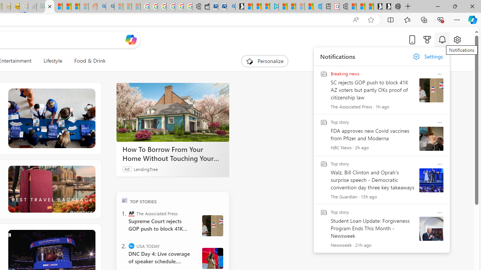  What do you see at coordinates (231, 6) in the screenshot?
I see `'Bing Real Estate - Home sales and rental listings'` at bounding box center [231, 6].